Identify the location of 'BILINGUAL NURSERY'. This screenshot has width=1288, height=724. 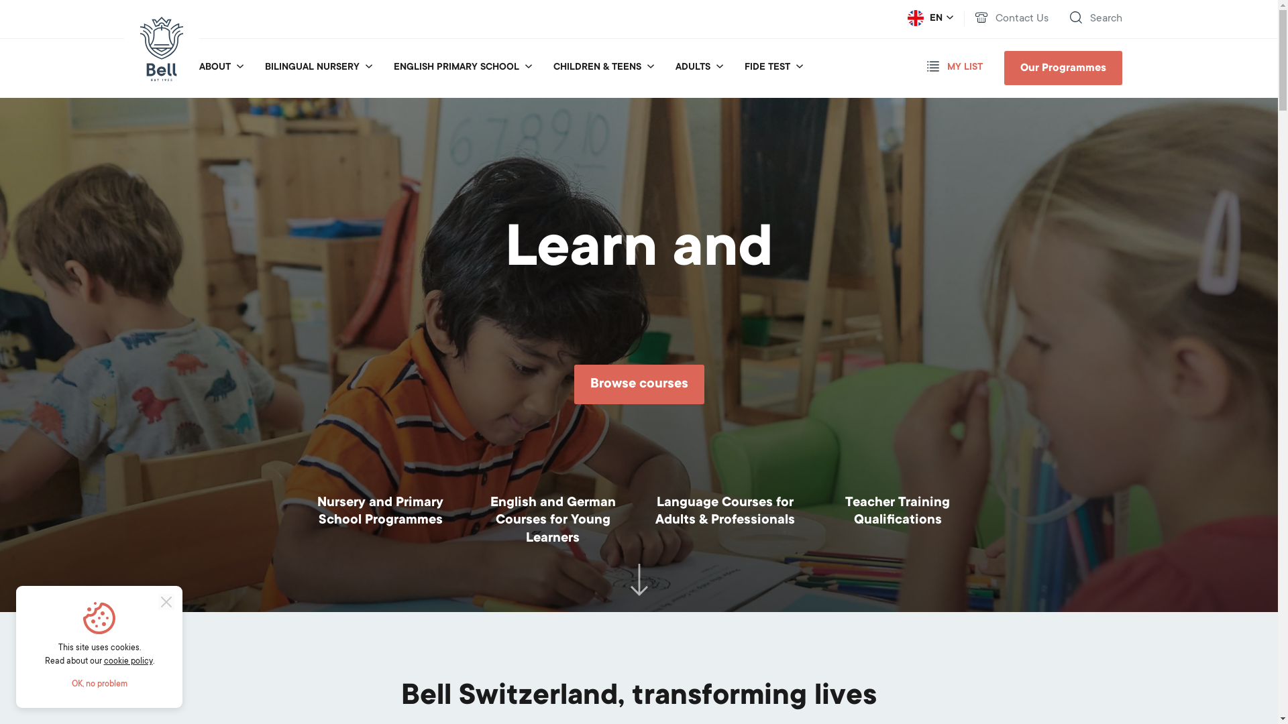
(311, 67).